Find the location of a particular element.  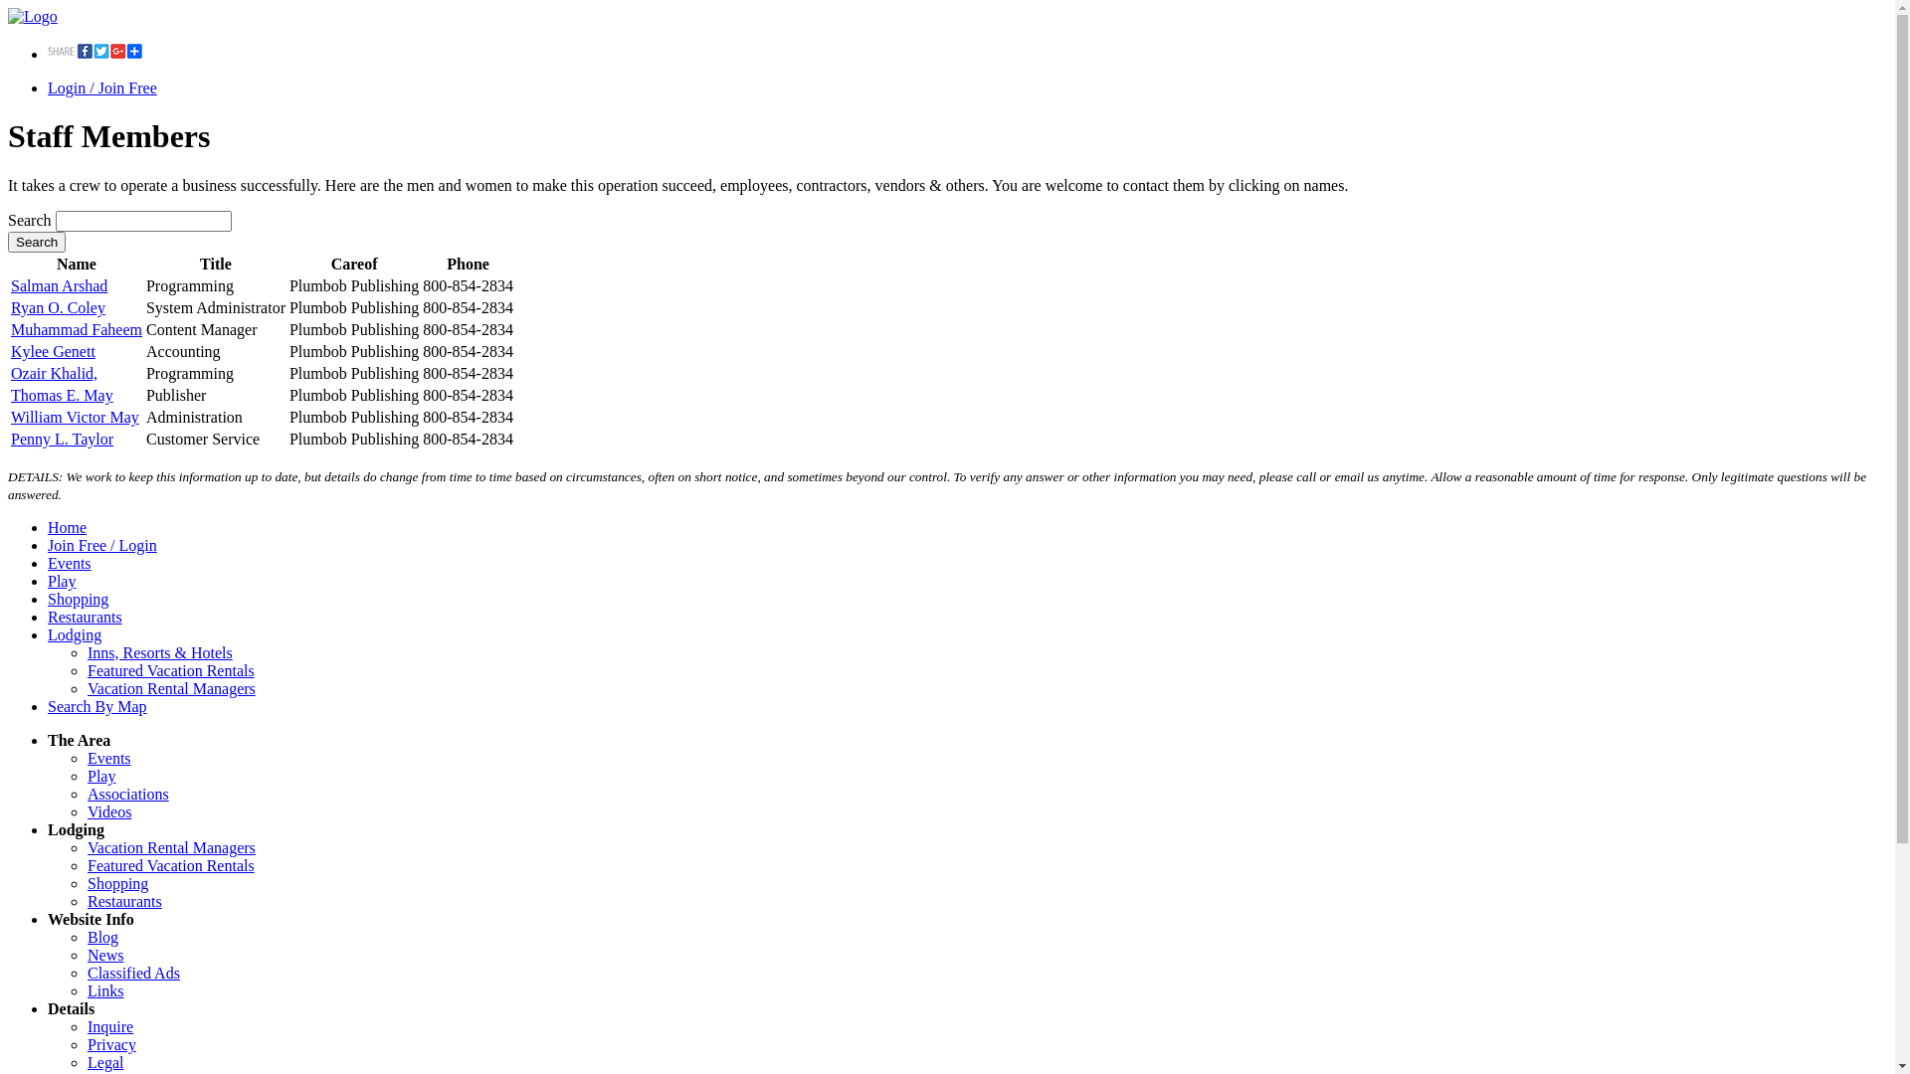

'Penny L. Taylor' is located at coordinates (62, 438).